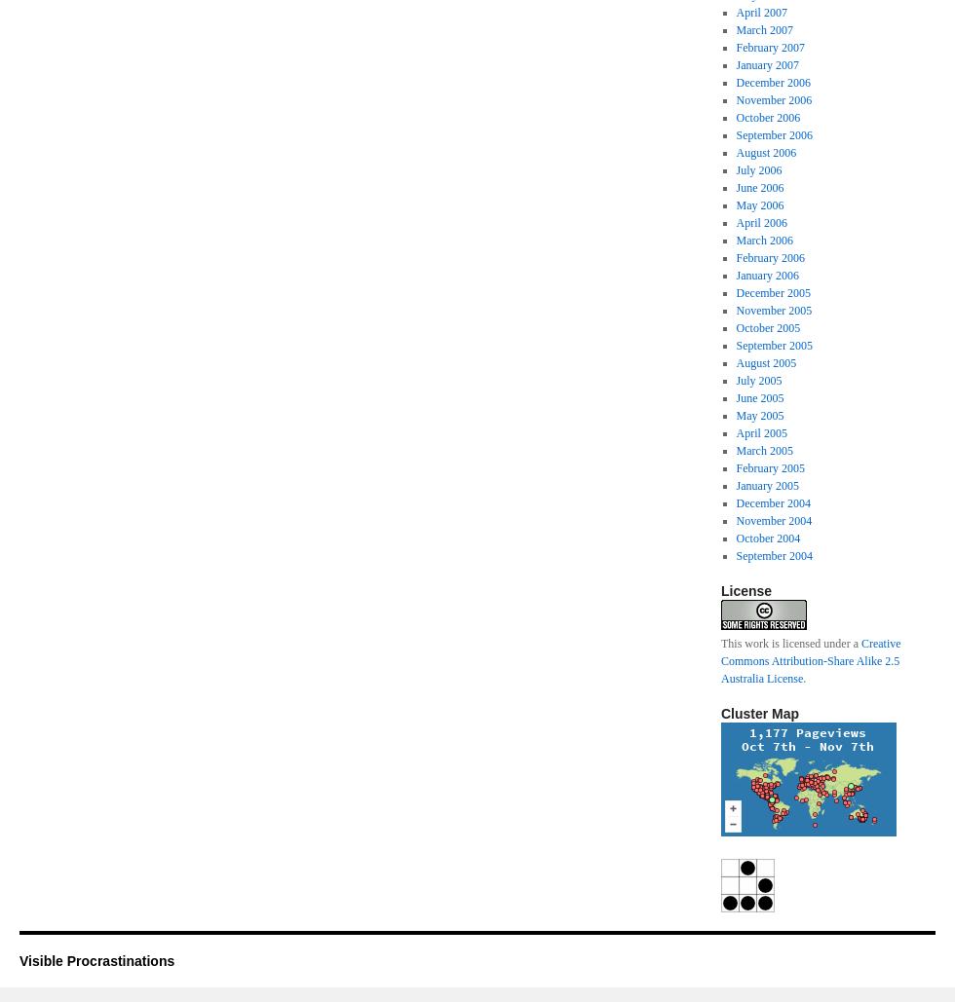 The image size is (955, 1002). Describe the element at coordinates (773, 310) in the screenshot. I see `'November 2005'` at that location.